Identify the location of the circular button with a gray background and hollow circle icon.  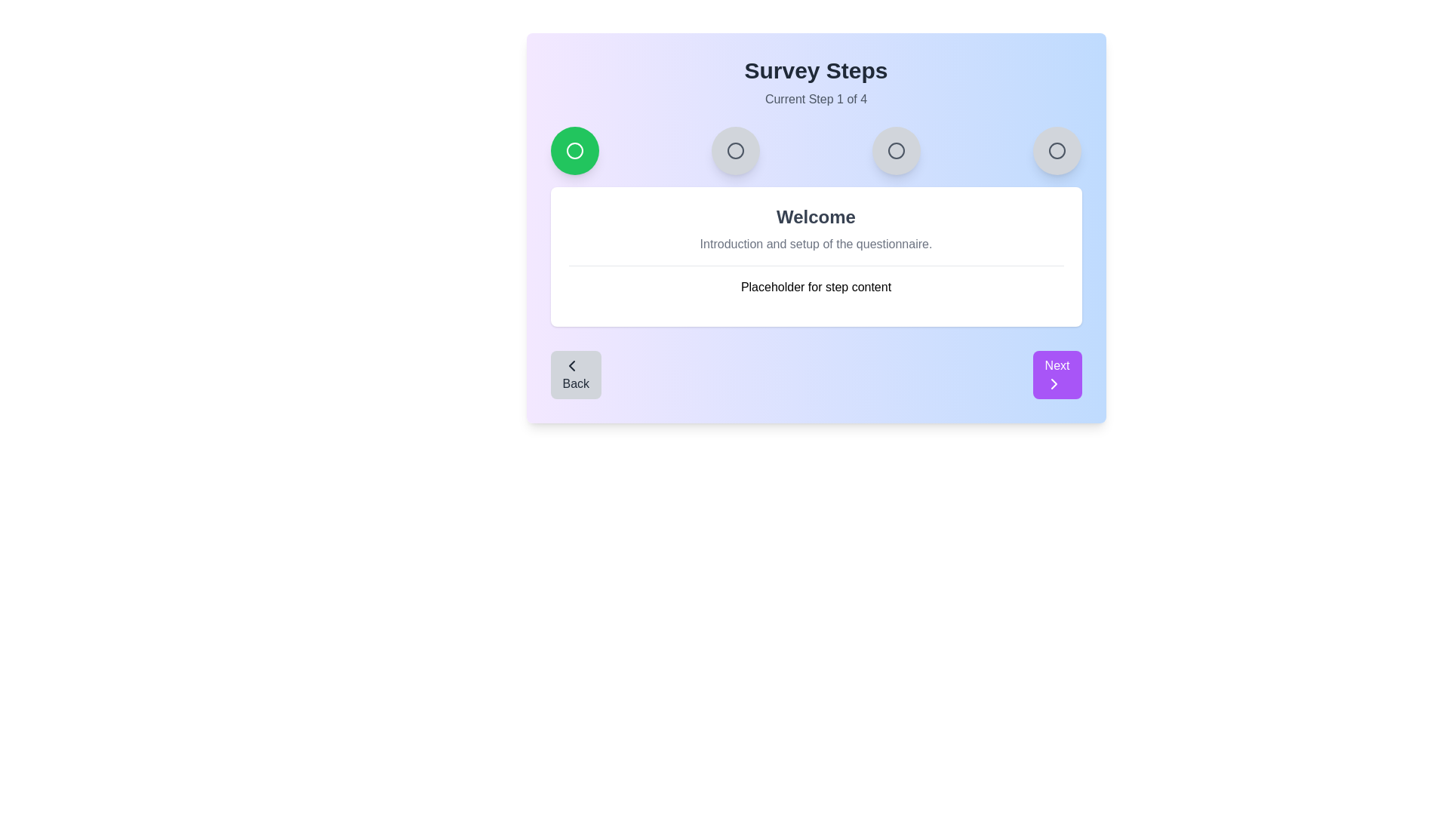
(897, 151).